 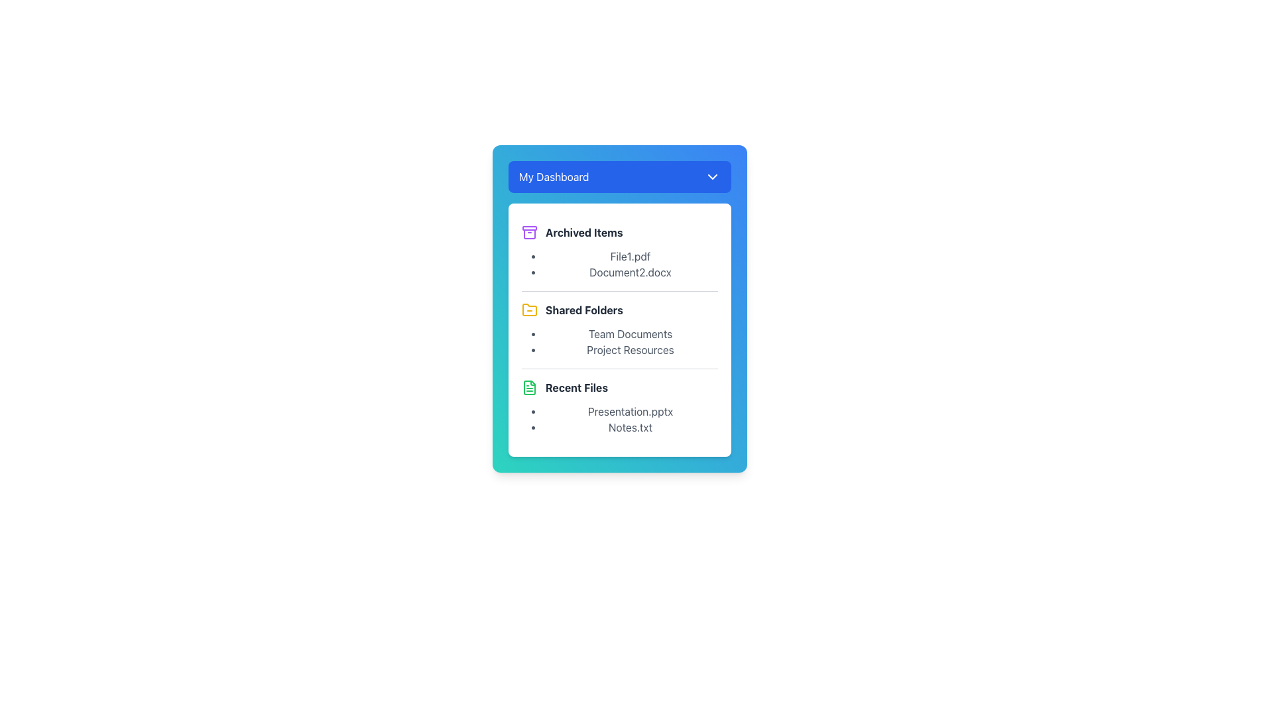 What do you see at coordinates (712, 176) in the screenshot?
I see `the downward arrow chevron icon in the blue header bar, located to the right of 'My Dashboard'` at bounding box center [712, 176].